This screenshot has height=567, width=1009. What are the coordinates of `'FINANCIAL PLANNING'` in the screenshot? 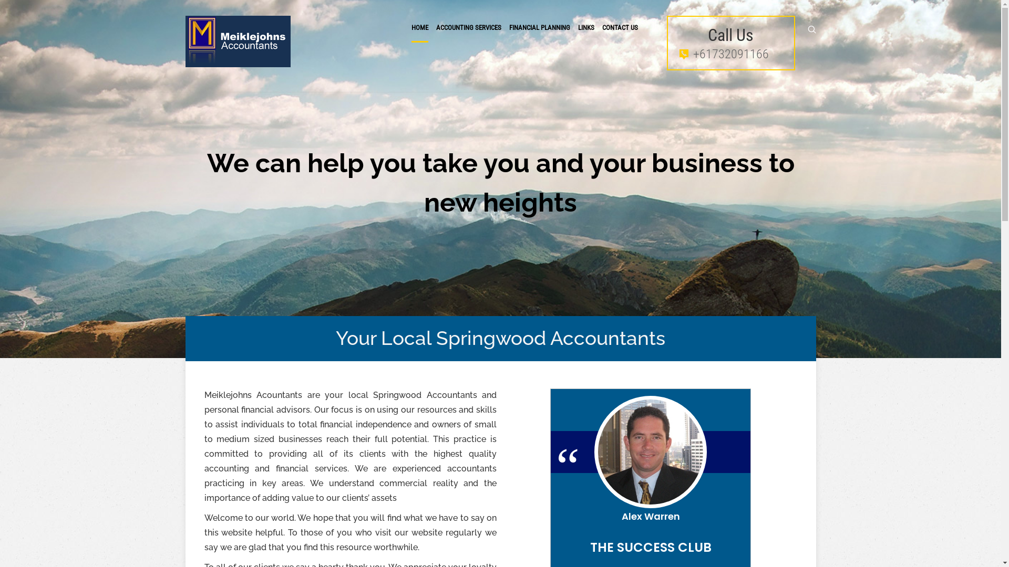 It's located at (539, 27).